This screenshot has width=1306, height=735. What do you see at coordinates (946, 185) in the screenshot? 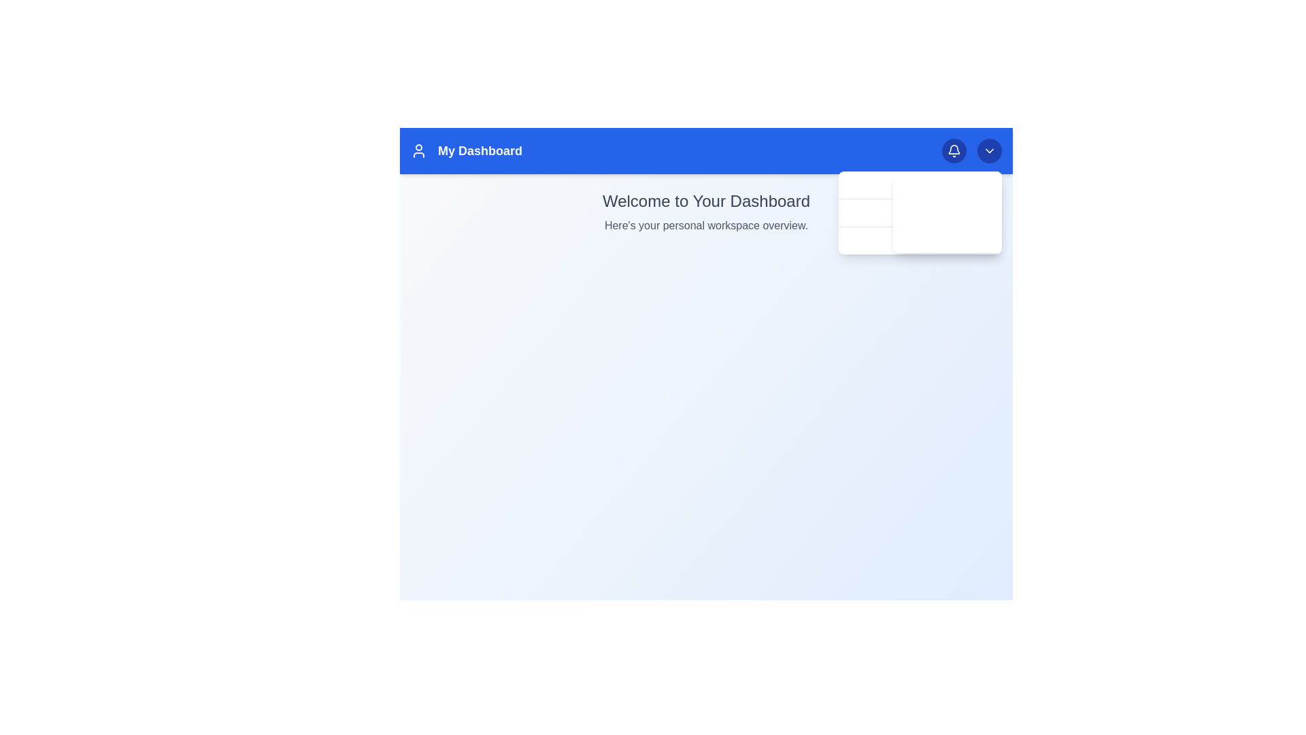
I see `the Profile button located at the top of the dropdown menu to change its background color` at bounding box center [946, 185].